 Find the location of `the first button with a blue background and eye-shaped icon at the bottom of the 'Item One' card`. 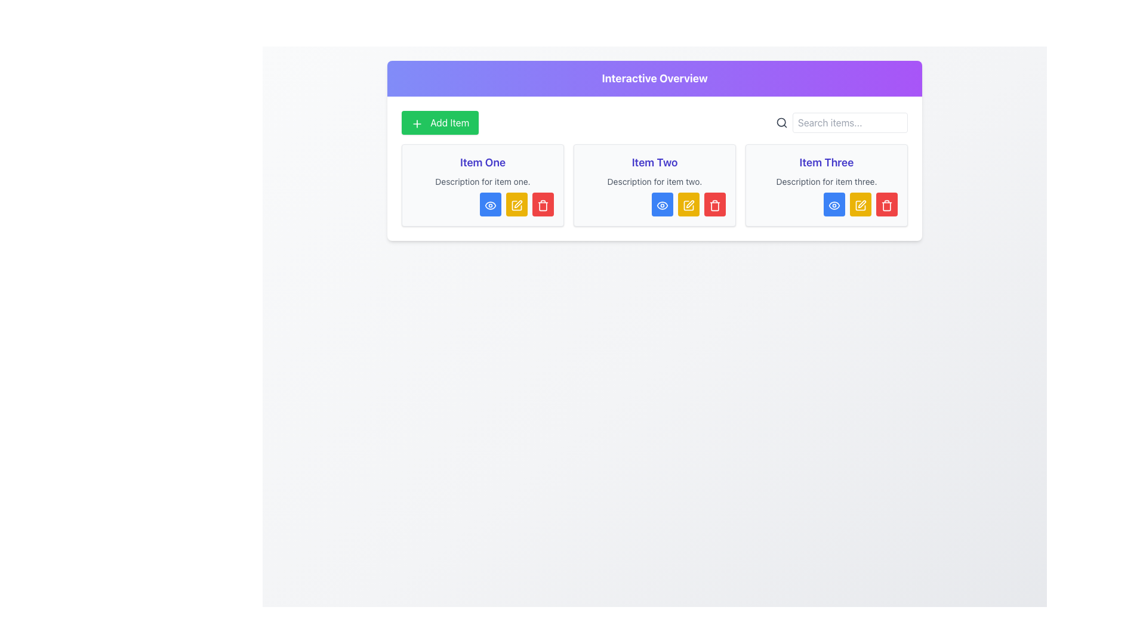

the first button with a blue background and eye-shaped icon at the bottom of the 'Item One' card is located at coordinates (490, 204).